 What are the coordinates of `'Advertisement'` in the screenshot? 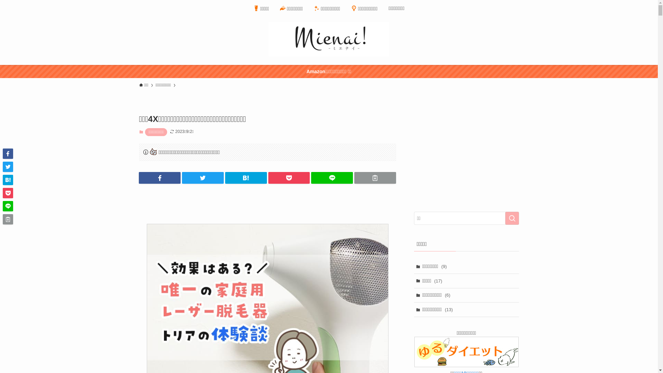 It's located at (264, 202).